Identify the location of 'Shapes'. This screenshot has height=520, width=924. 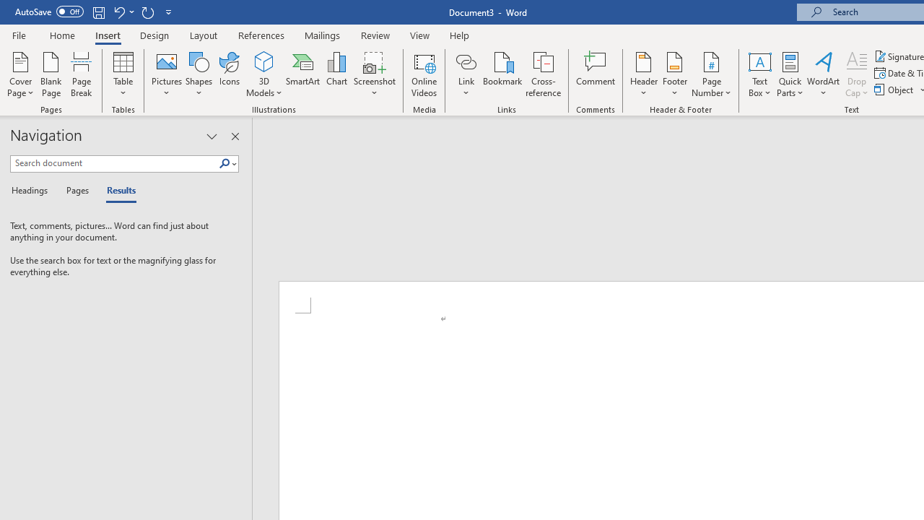
(198, 74).